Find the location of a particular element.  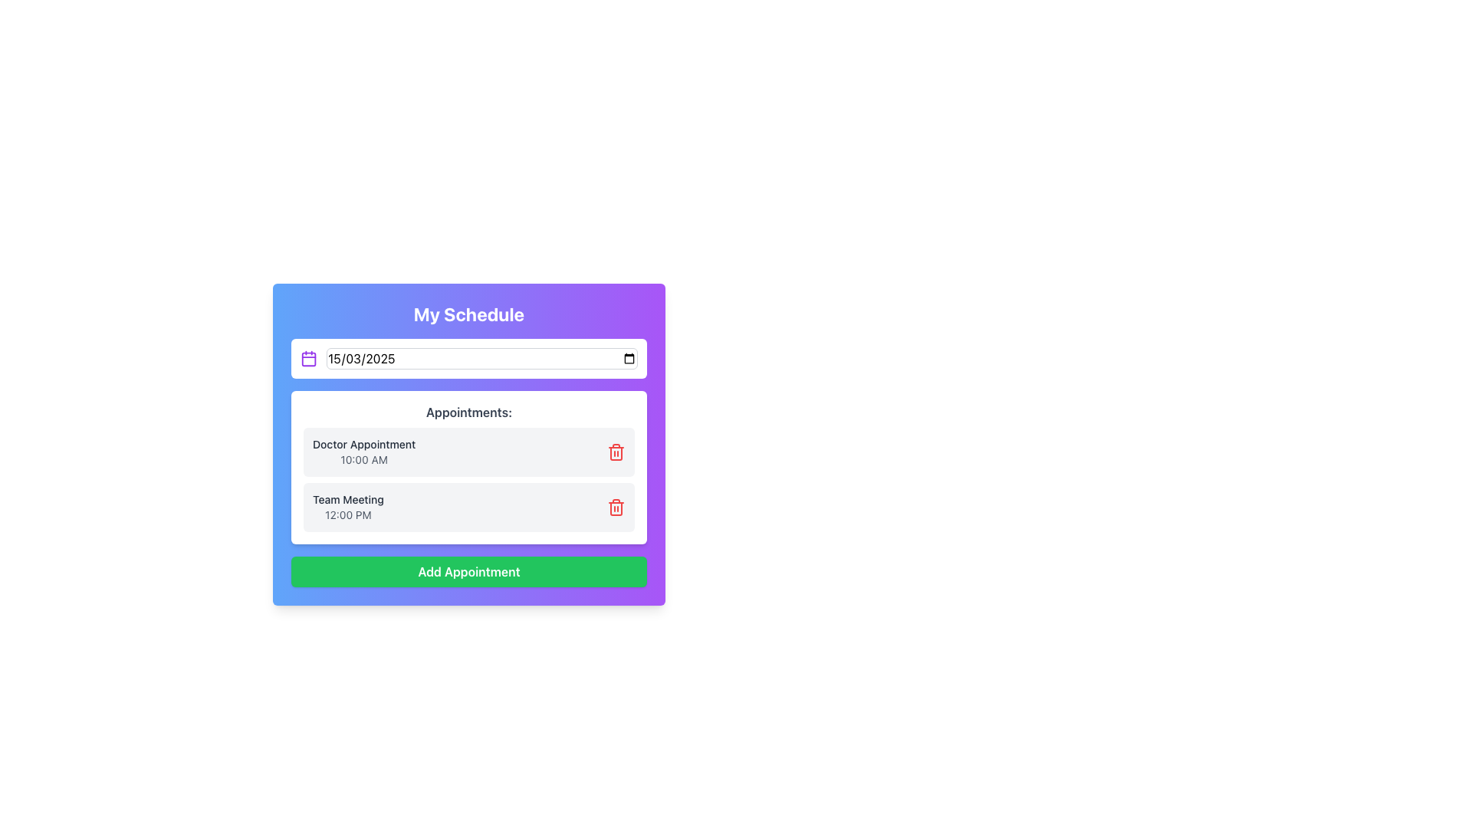

text content displayed in the Text Display of the second appointment card under the 'Appointments' section of the 'My Schedule' interface, which shows the title 'Team Meeting' and the scheduled time '12:00 PM' is located at coordinates (347, 508).